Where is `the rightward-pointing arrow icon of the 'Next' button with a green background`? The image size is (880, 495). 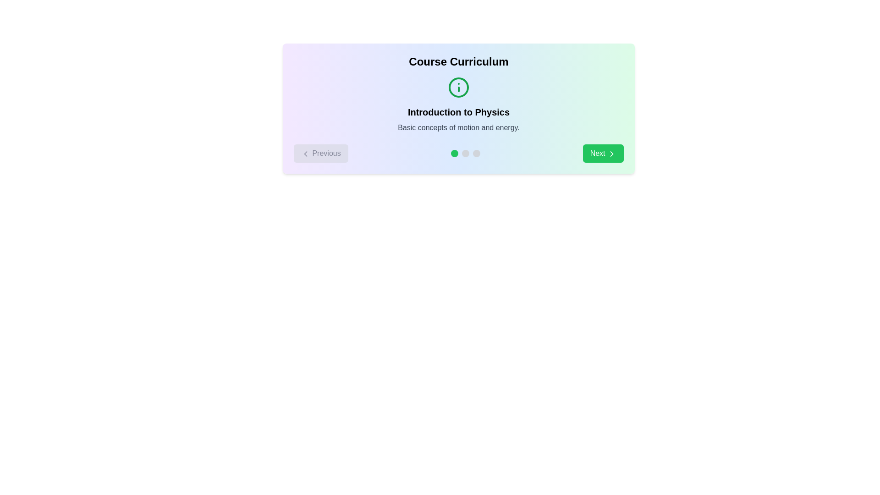
the rightward-pointing arrow icon of the 'Next' button with a green background is located at coordinates (611, 153).